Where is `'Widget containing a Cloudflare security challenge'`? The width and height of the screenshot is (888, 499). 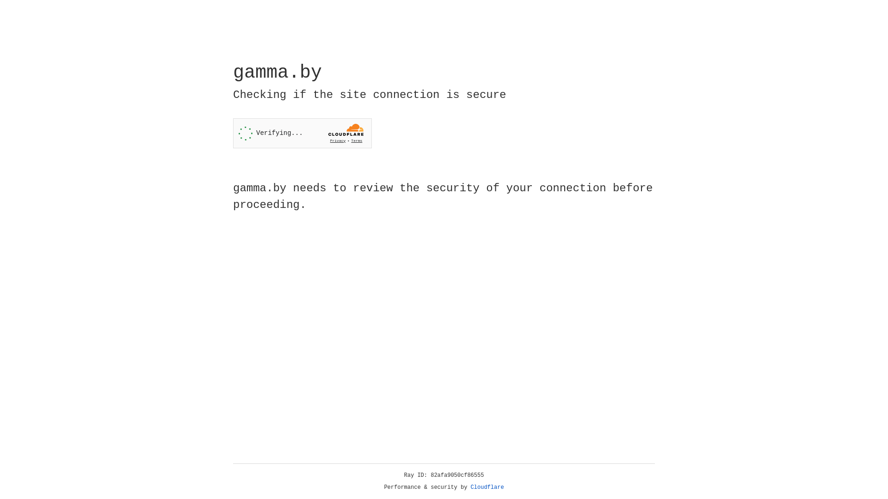 'Widget containing a Cloudflare security challenge' is located at coordinates (302, 133).